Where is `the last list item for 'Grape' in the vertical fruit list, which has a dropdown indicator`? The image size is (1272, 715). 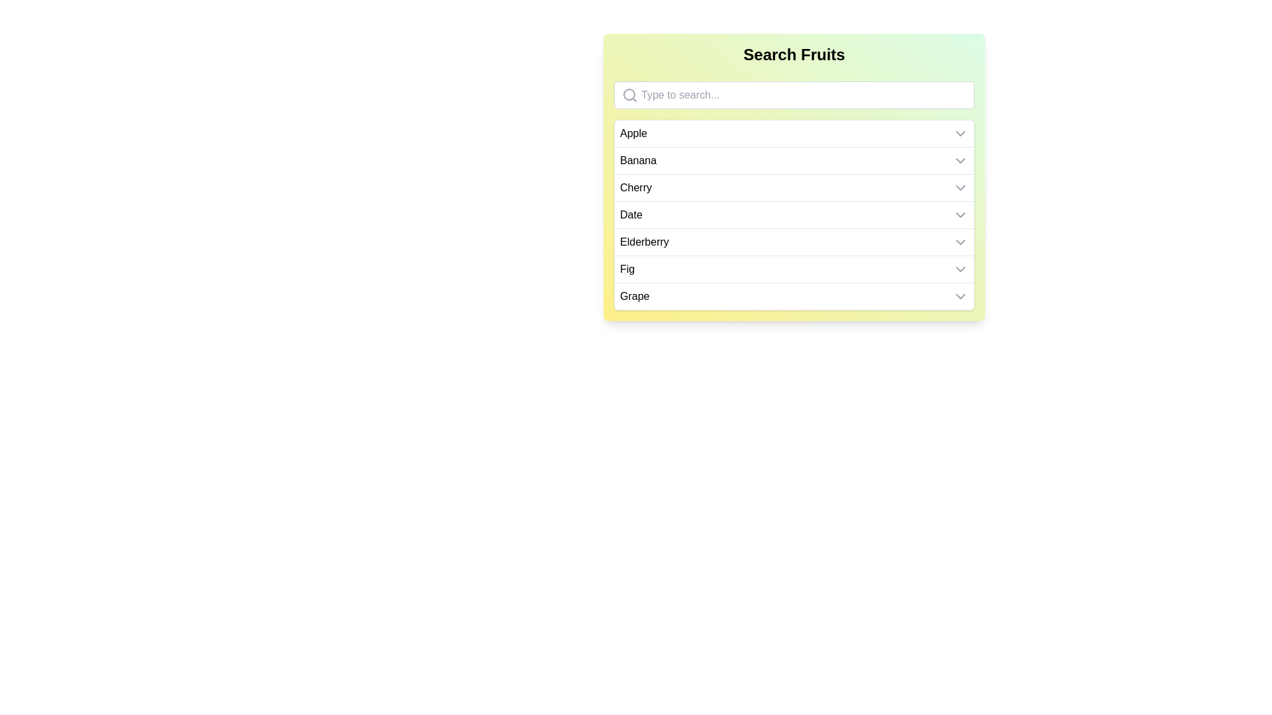 the last list item for 'Grape' in the vertical fruit list, which has a dropdown indicator is located at coordinates (794, 295).